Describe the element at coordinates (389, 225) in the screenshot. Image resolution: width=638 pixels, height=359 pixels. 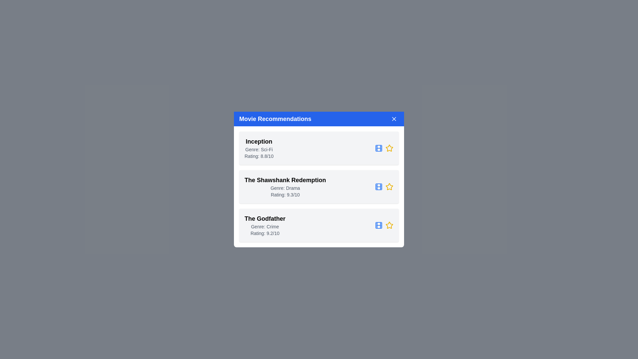
I see `the Star icon for the movie The Godfather` at that location.